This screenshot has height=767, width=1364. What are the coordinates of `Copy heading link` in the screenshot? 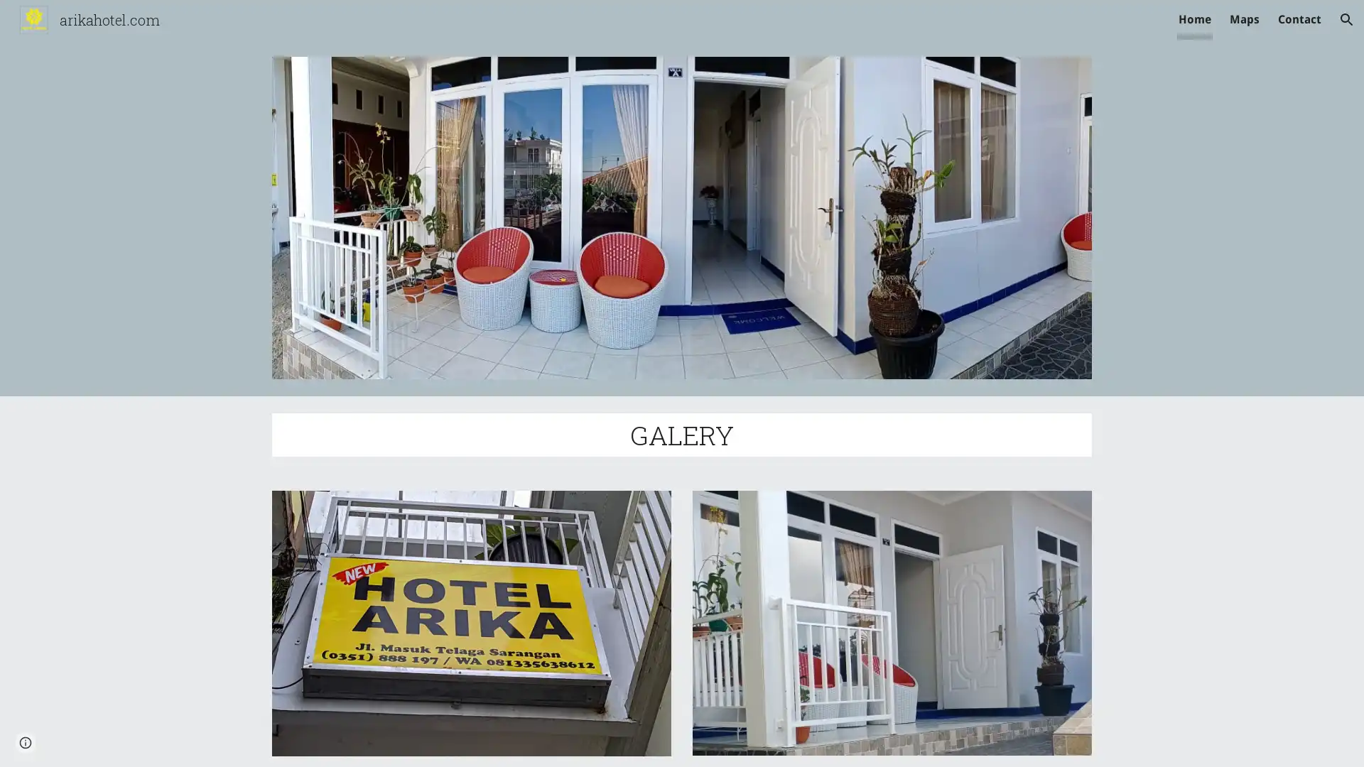 It's located at (749, 434).